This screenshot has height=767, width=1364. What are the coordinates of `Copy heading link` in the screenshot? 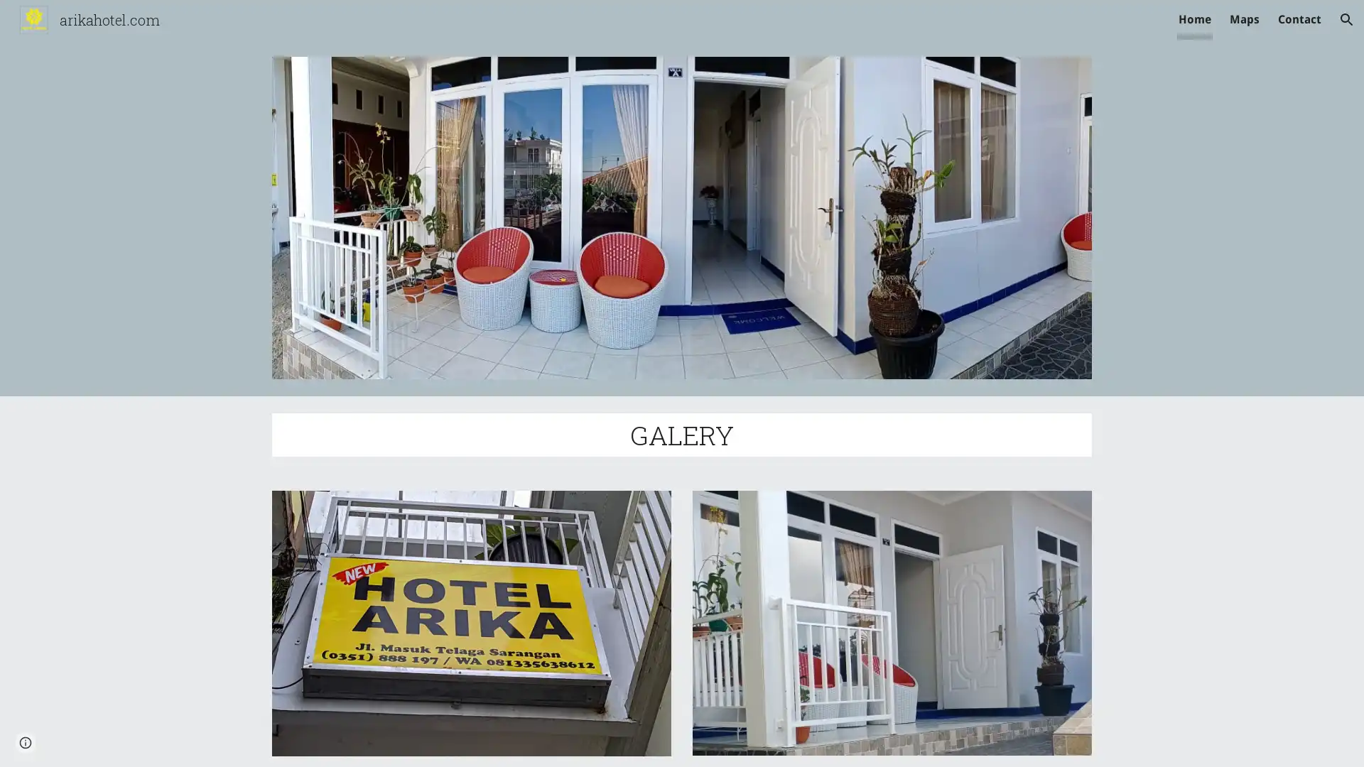 It's located at (749, 434).